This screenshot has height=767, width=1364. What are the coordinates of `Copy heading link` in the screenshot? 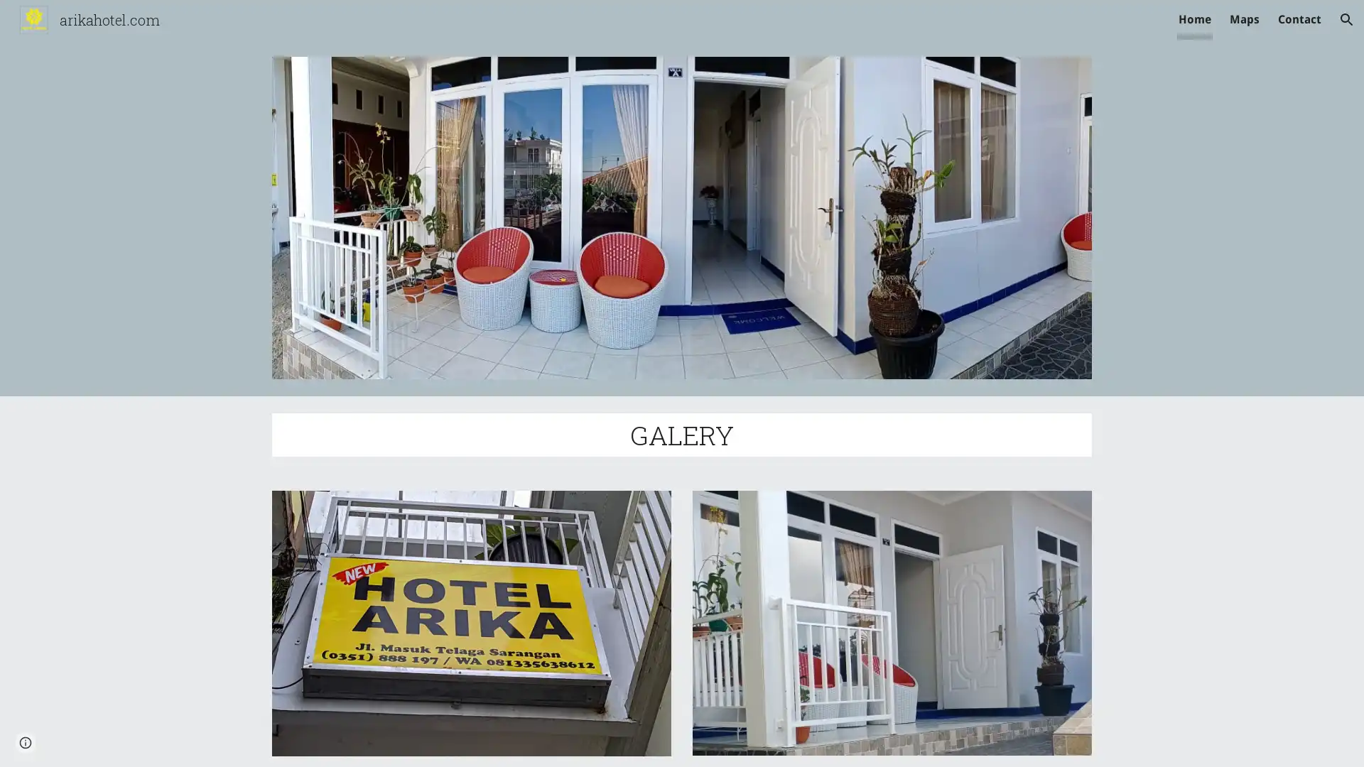 It's located at (749, 434).